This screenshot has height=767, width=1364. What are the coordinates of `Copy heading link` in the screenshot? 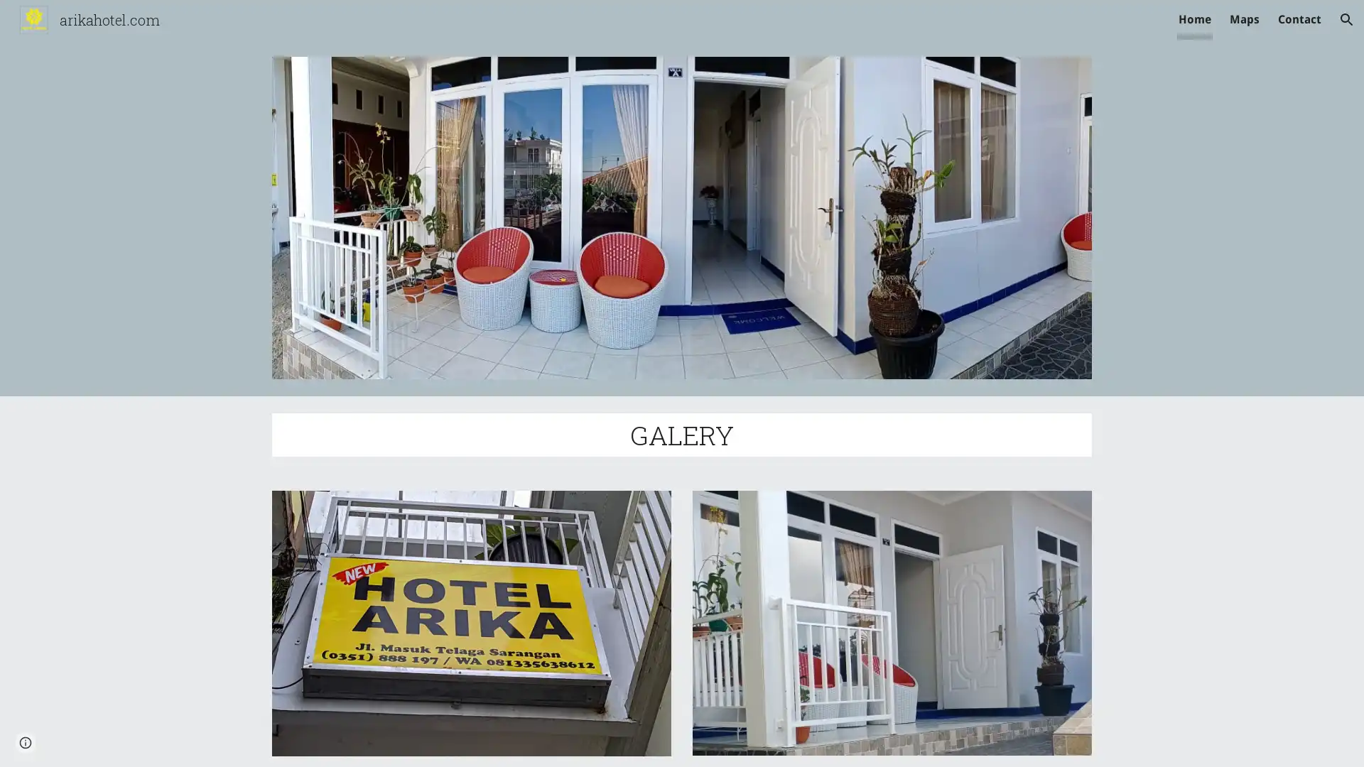 It's located at (749, 434).